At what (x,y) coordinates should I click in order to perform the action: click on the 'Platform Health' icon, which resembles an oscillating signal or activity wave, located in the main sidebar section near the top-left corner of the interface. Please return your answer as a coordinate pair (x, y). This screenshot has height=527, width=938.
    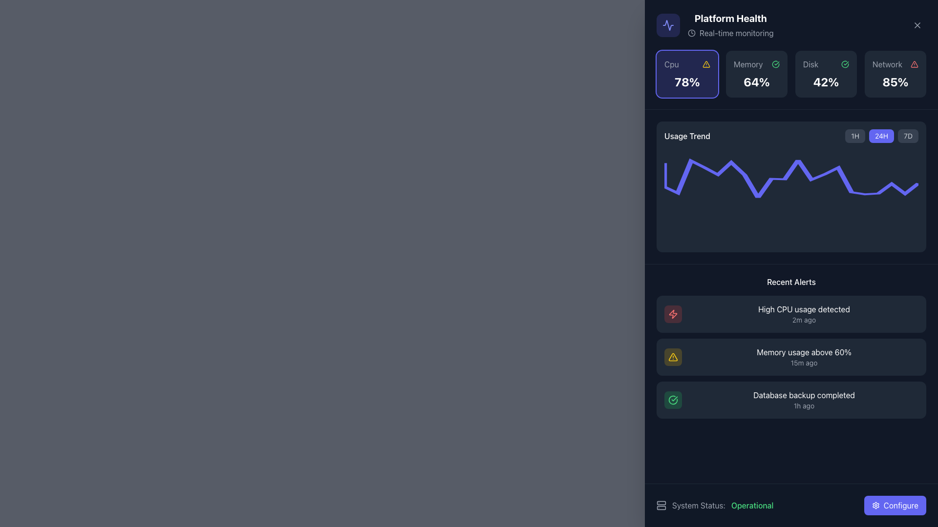
    Looking at the image, I should click on (668, 24).